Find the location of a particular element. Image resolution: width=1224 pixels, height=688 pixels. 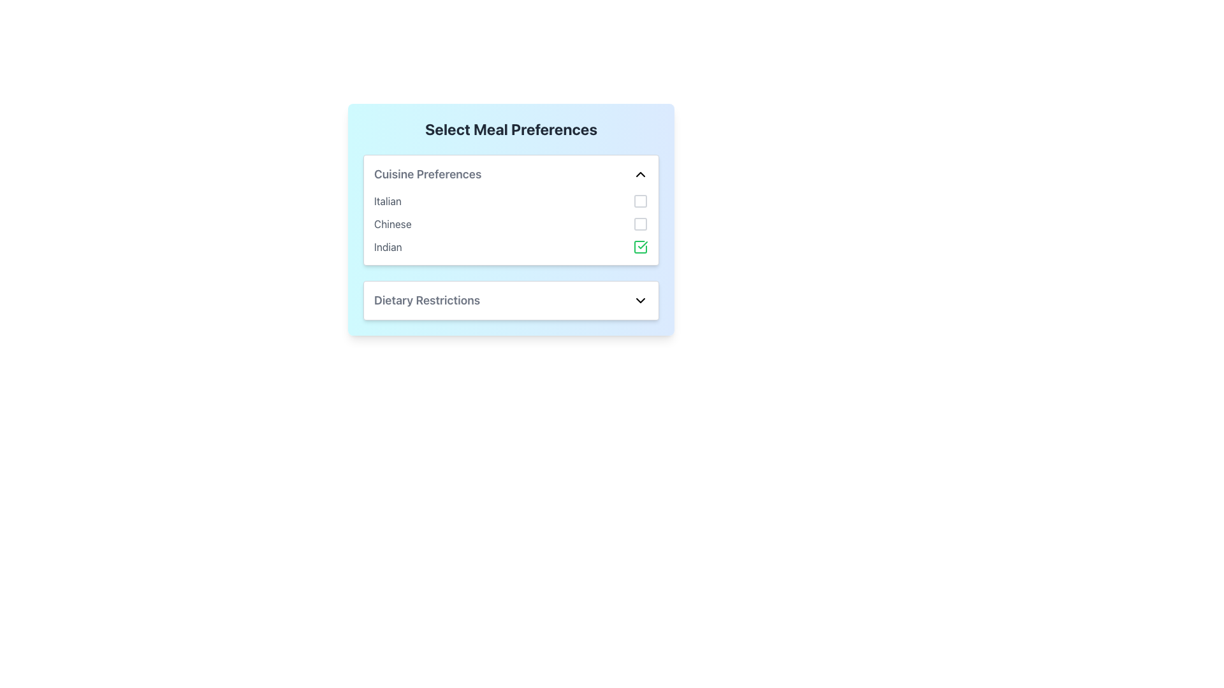

the toggle button located at the far right of the 'Cuisine Preferences' section is located at coordinates (640, 174).